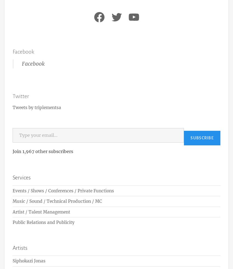 Image resolution: width=233 pixels, height=269 pixels. I want to click on 'Artist / Talent Management', so click(12, 211).